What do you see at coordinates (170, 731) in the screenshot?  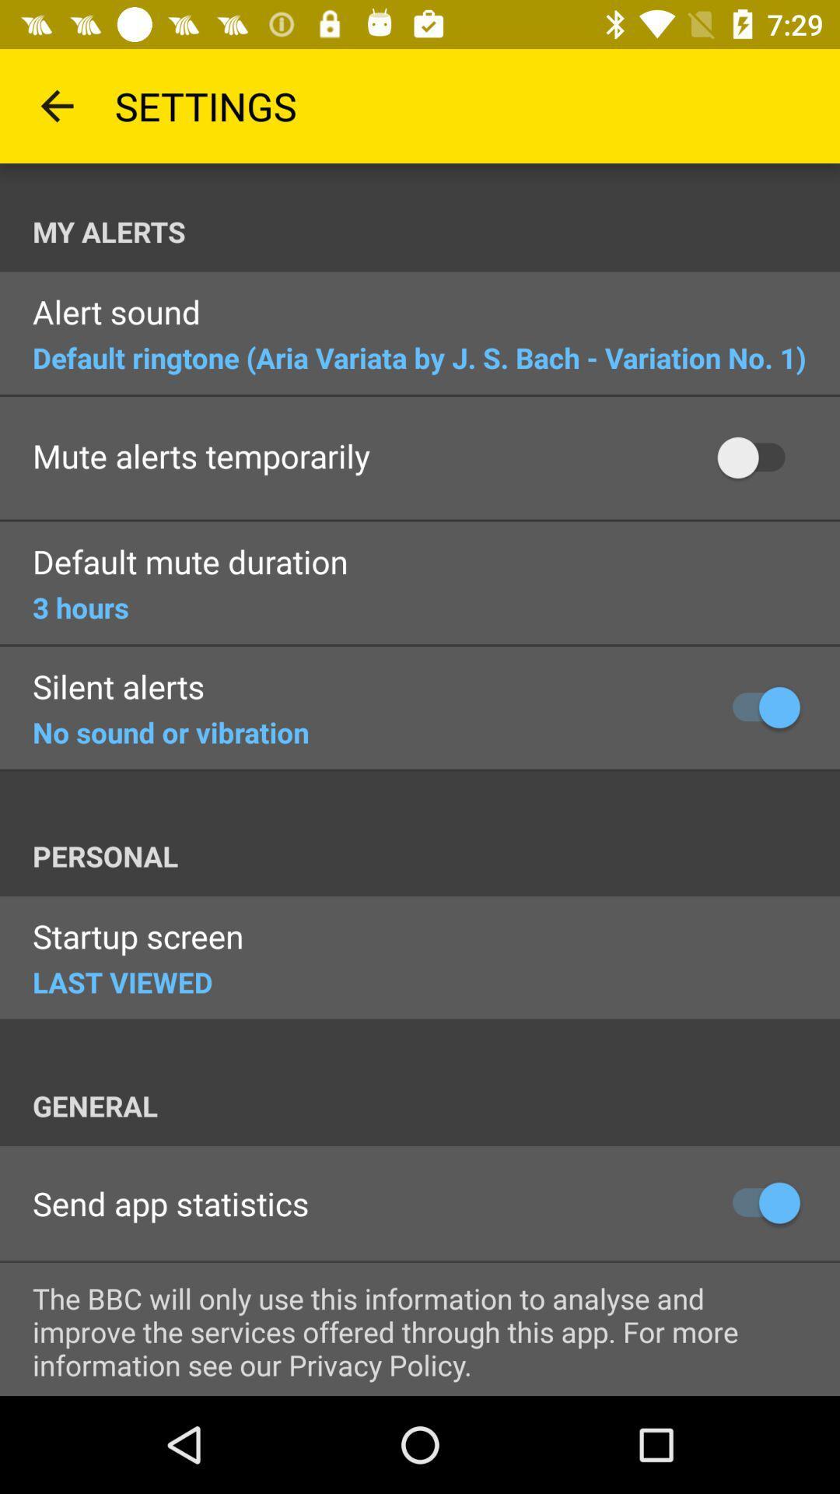 I see `no sound or icon` at bounding box center [170, 731].